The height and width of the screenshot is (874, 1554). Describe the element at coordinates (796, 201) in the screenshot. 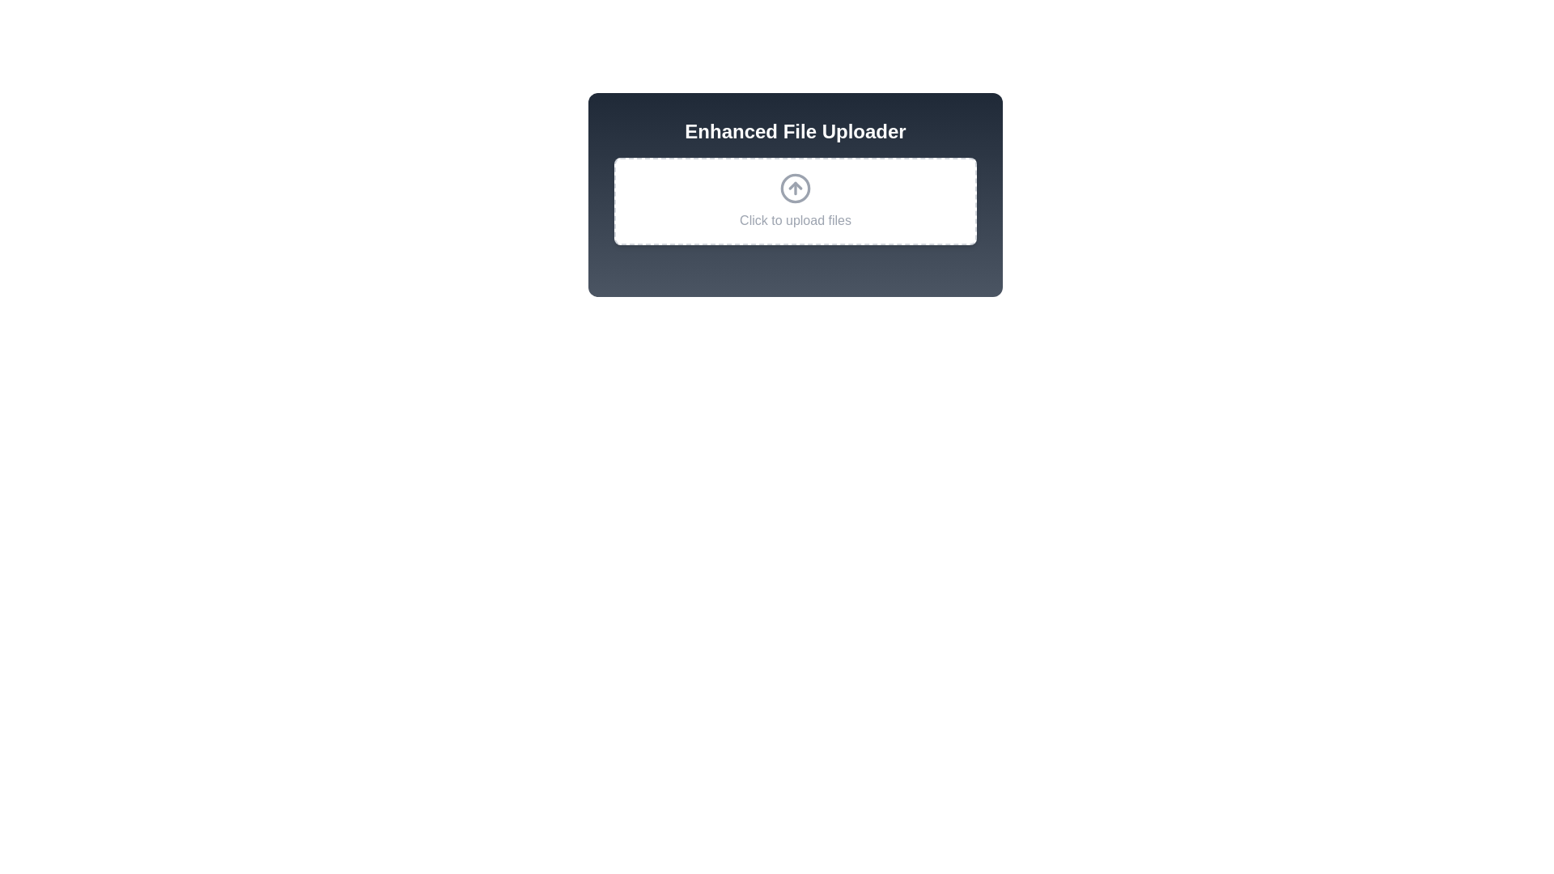

I see `the clickable file upload region, which is a white rectangular area with rounded corners and dashed gray borders` at that location.